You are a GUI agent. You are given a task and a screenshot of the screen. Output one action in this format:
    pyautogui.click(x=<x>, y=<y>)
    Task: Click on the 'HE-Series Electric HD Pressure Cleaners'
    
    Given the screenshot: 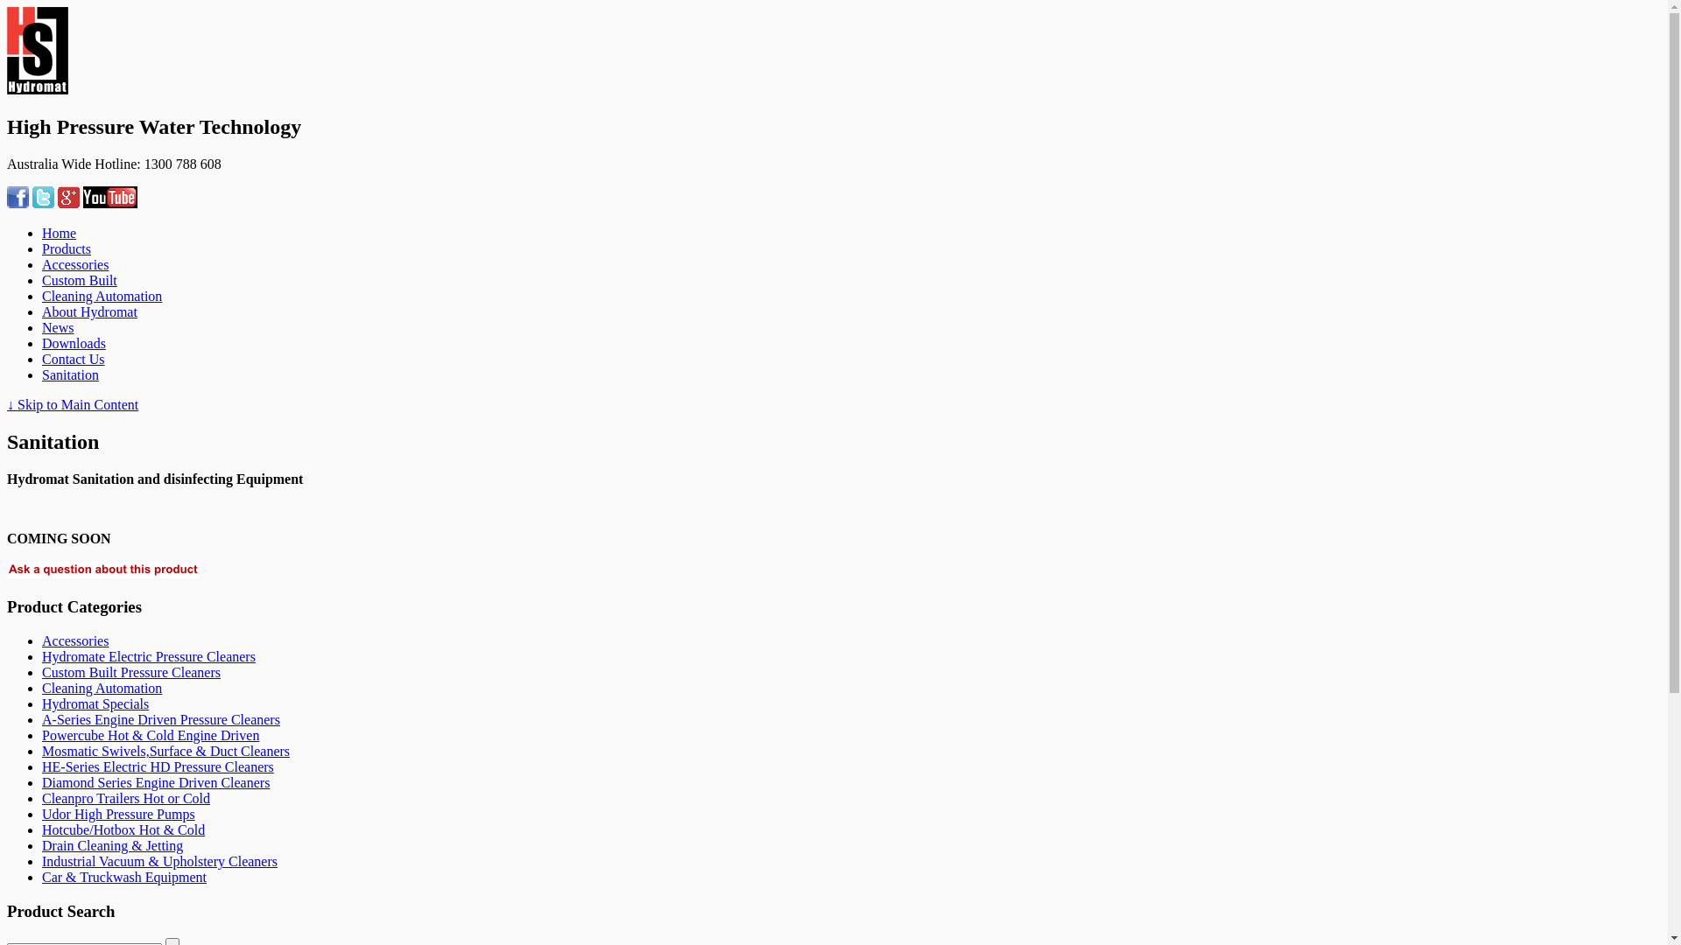 What is the action you would take?
    pyautogui.click(x=42, y=766)
    